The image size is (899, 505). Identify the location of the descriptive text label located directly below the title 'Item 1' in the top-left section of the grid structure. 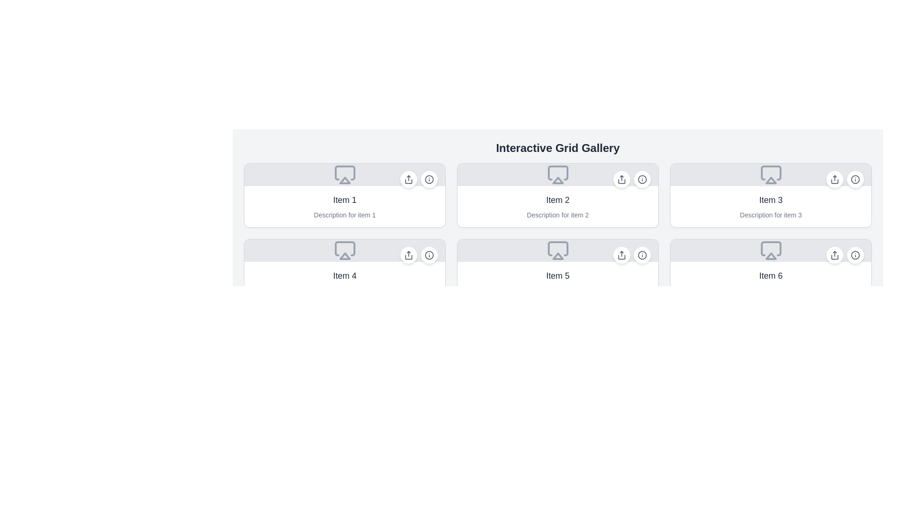
(344, 215).